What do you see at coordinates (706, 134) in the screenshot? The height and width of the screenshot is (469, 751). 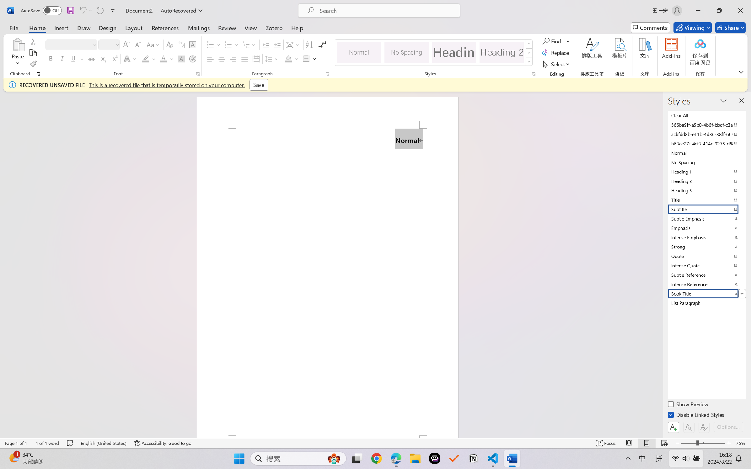 I see `'acbfdd8b-e11b-4d36-88ff-6049b138f862'` at bounding box center [706, 134].